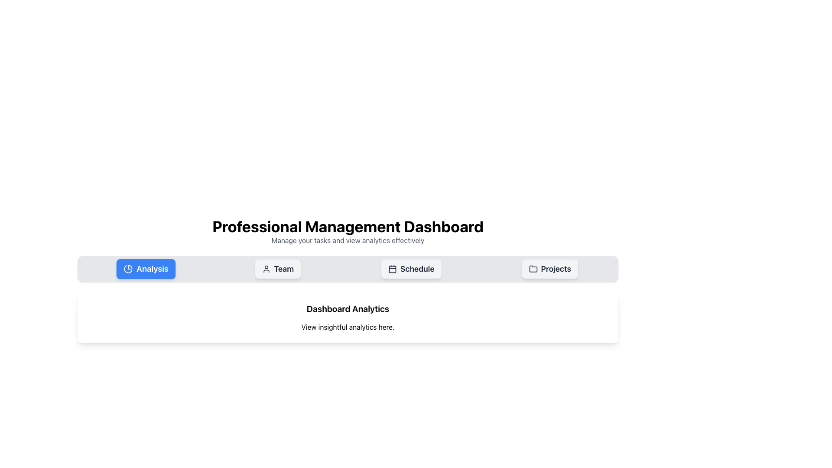  What do you see at coordinates (392, 269) in the screenshot?
I see `the decorative scheduling icon located to the left of the 'Schedule' text in the navigation bar` at bounding box center [392, 269].